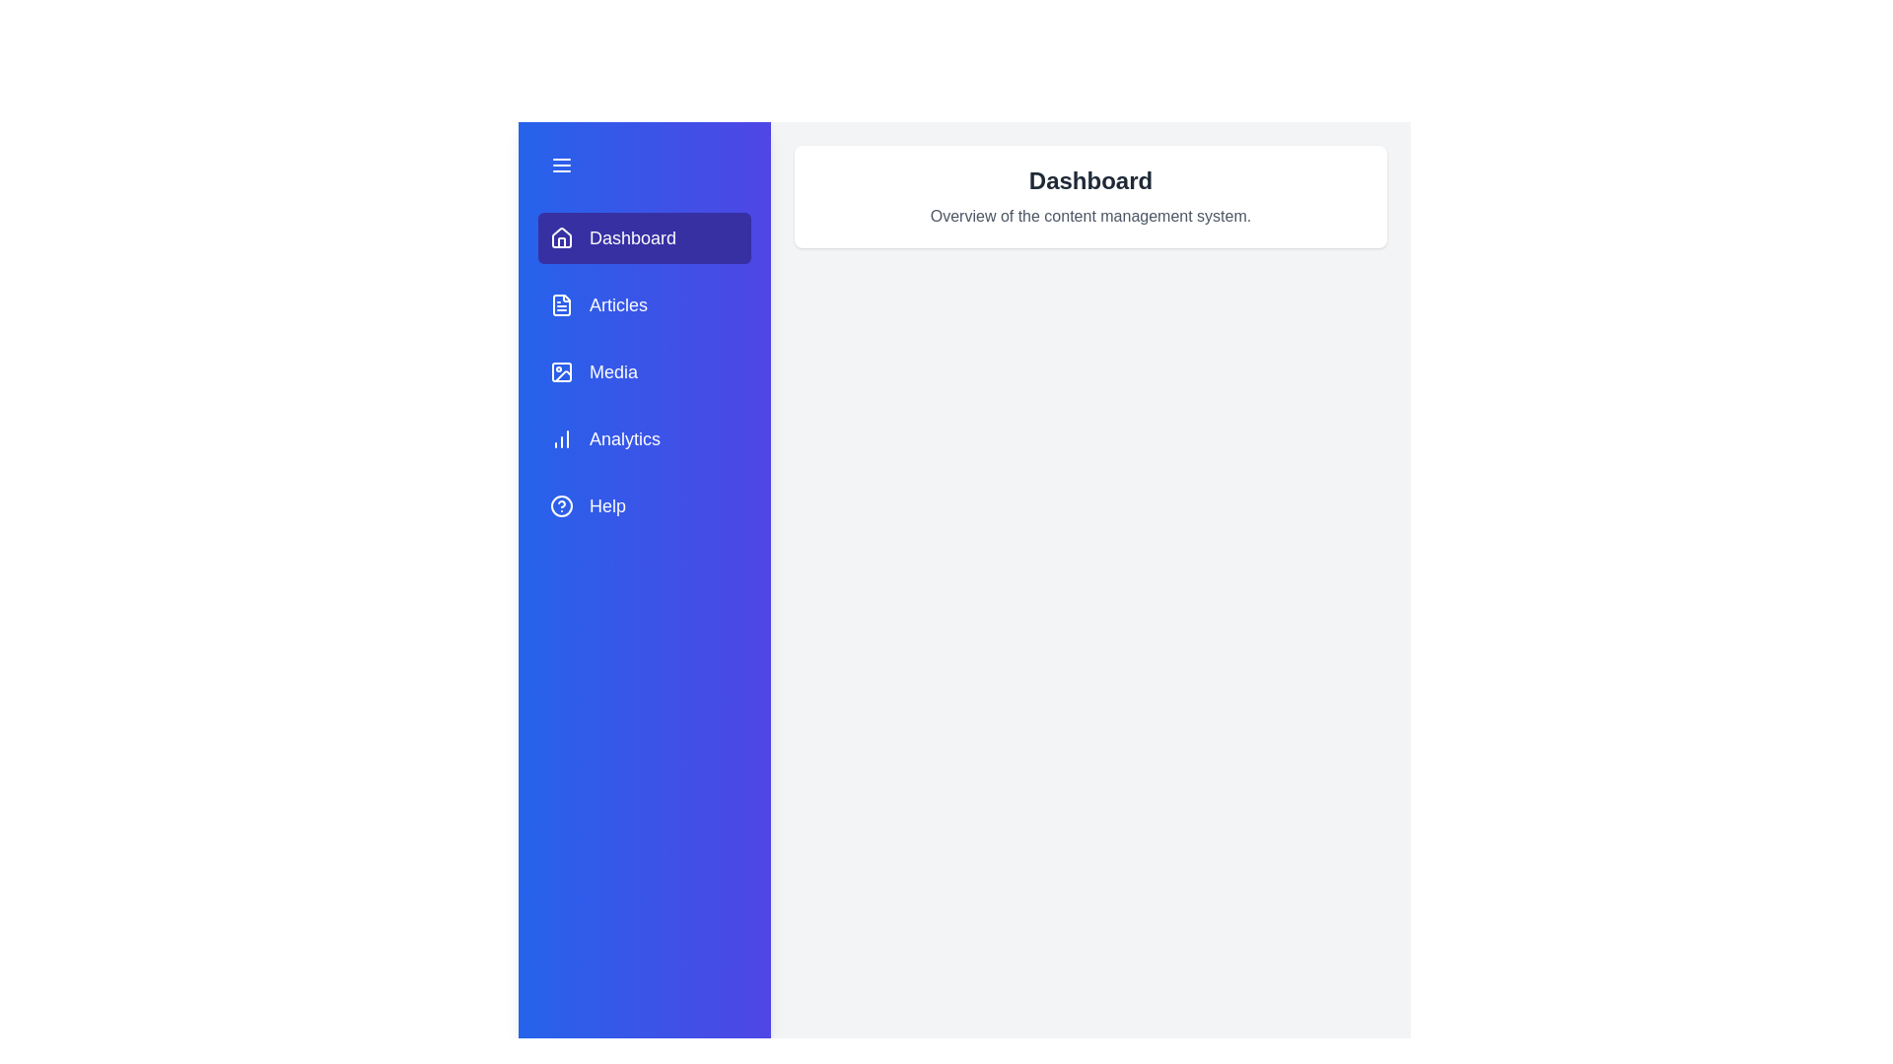  Describe the element at coordinates (644, 438) in the screenshot. I see `the tab labeled Analytics to highlight it` at that location.